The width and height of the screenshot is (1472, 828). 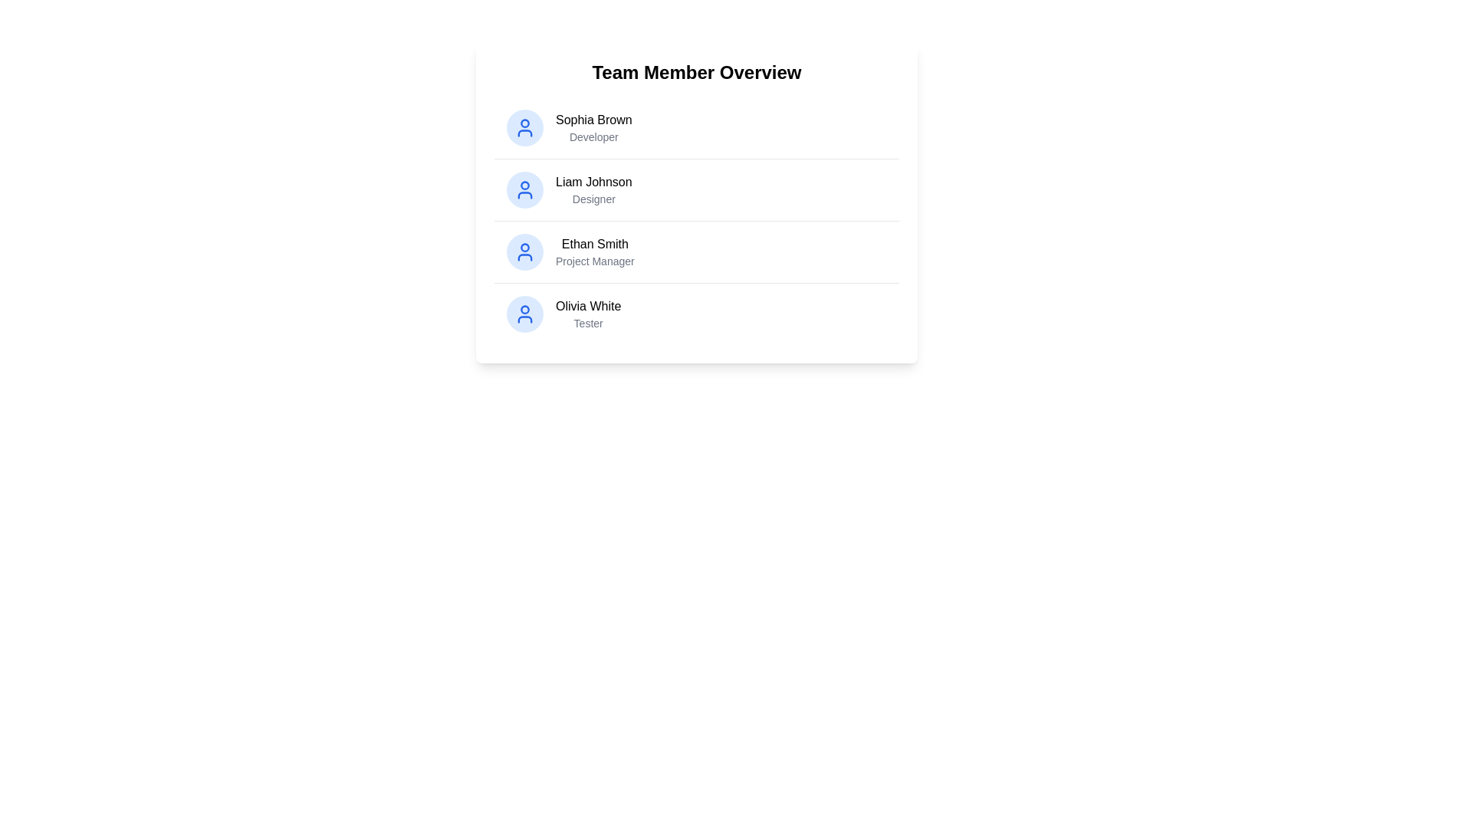 I want to click on the user profile icon representing 'Olivia White' in the fourth row of the Team Member Overview, which is non-interactive and serves a decorative purpose, so click(x=525, y=313).